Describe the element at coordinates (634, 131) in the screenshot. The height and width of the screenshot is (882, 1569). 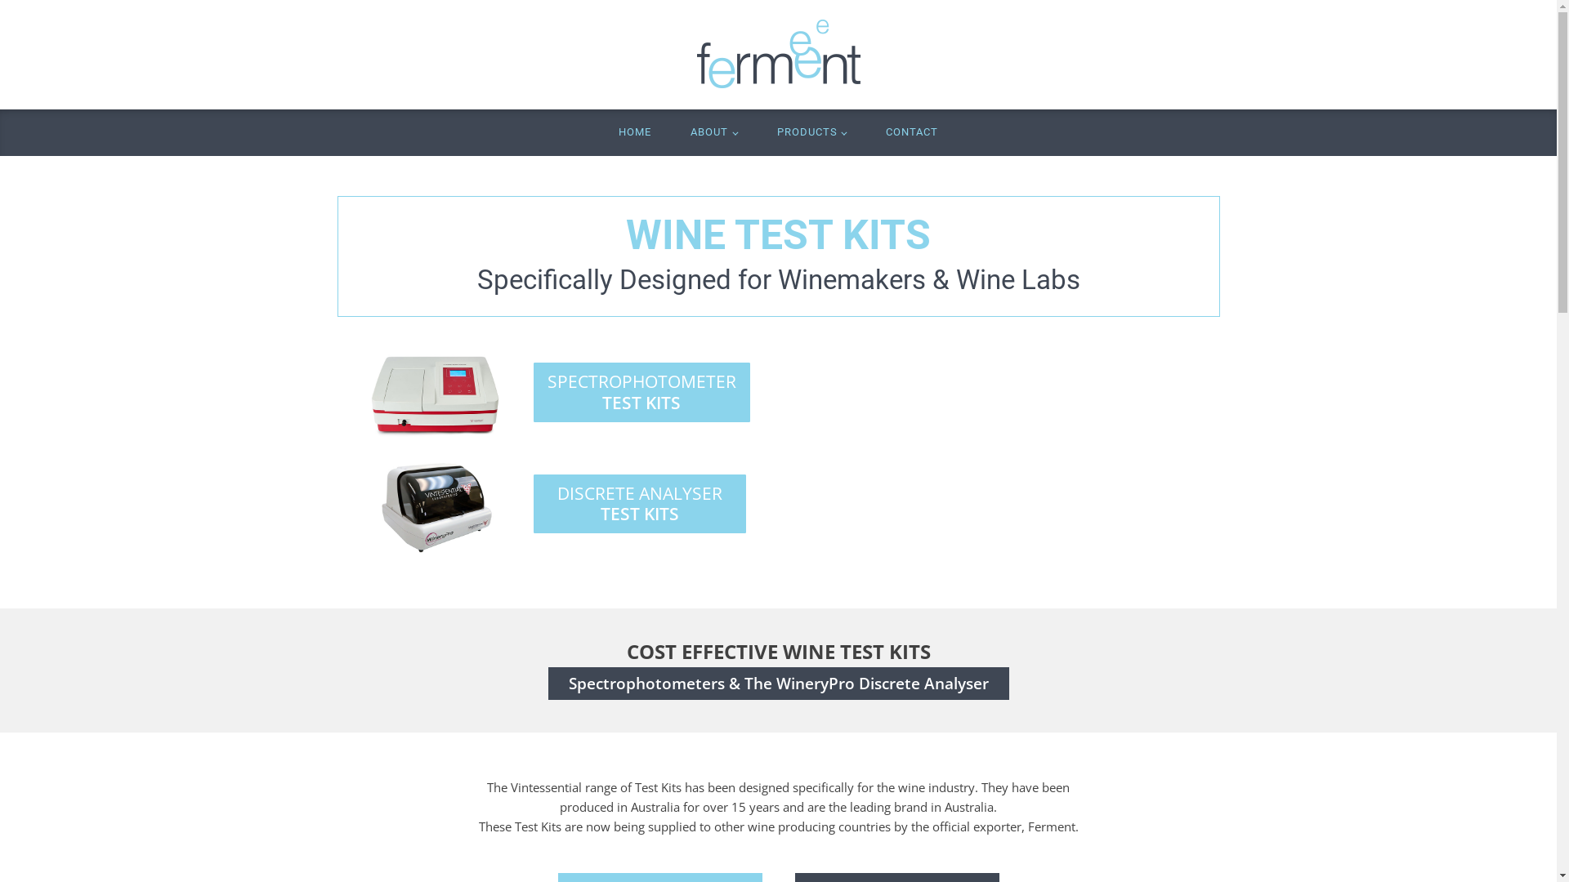
I see `'HOME'` at that location.